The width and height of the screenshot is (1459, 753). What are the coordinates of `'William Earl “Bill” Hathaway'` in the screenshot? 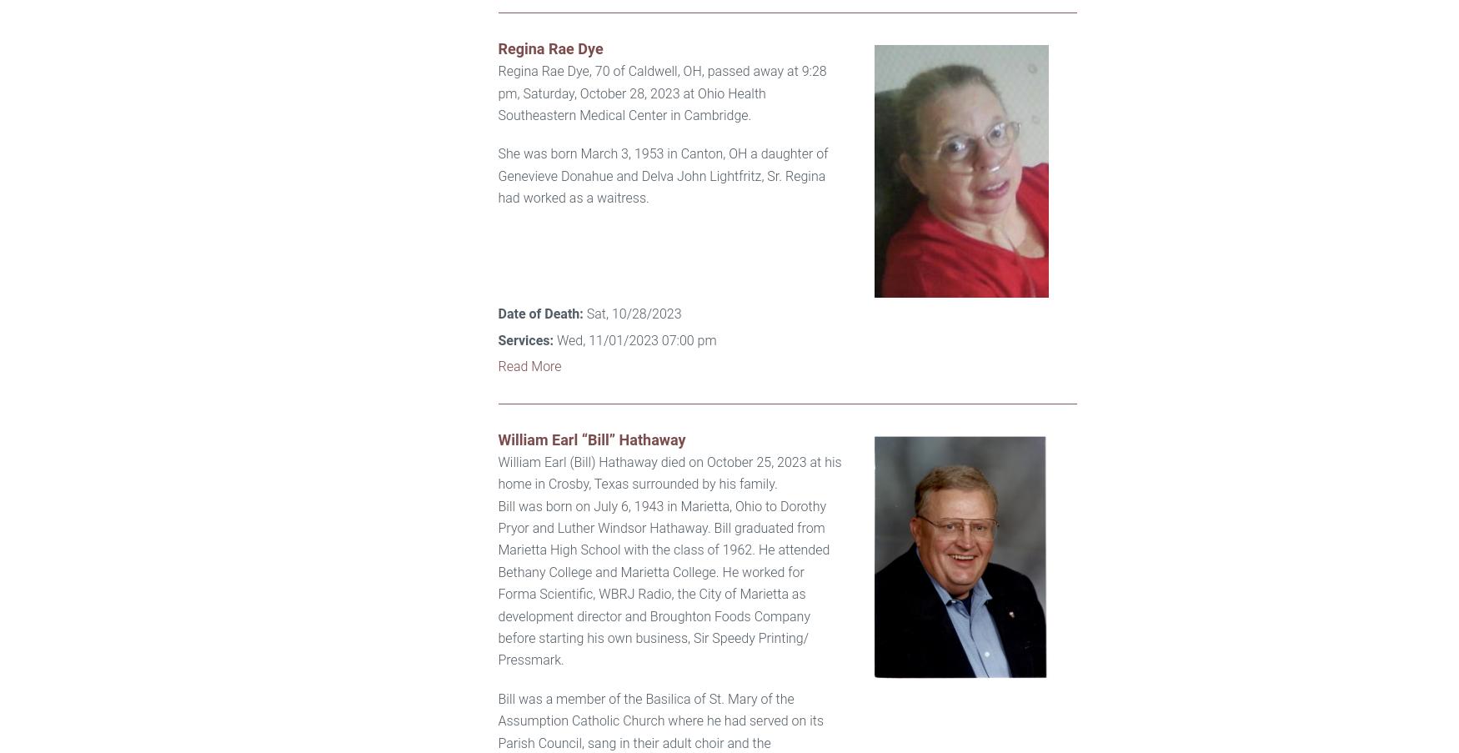 It's located at (591, 438).